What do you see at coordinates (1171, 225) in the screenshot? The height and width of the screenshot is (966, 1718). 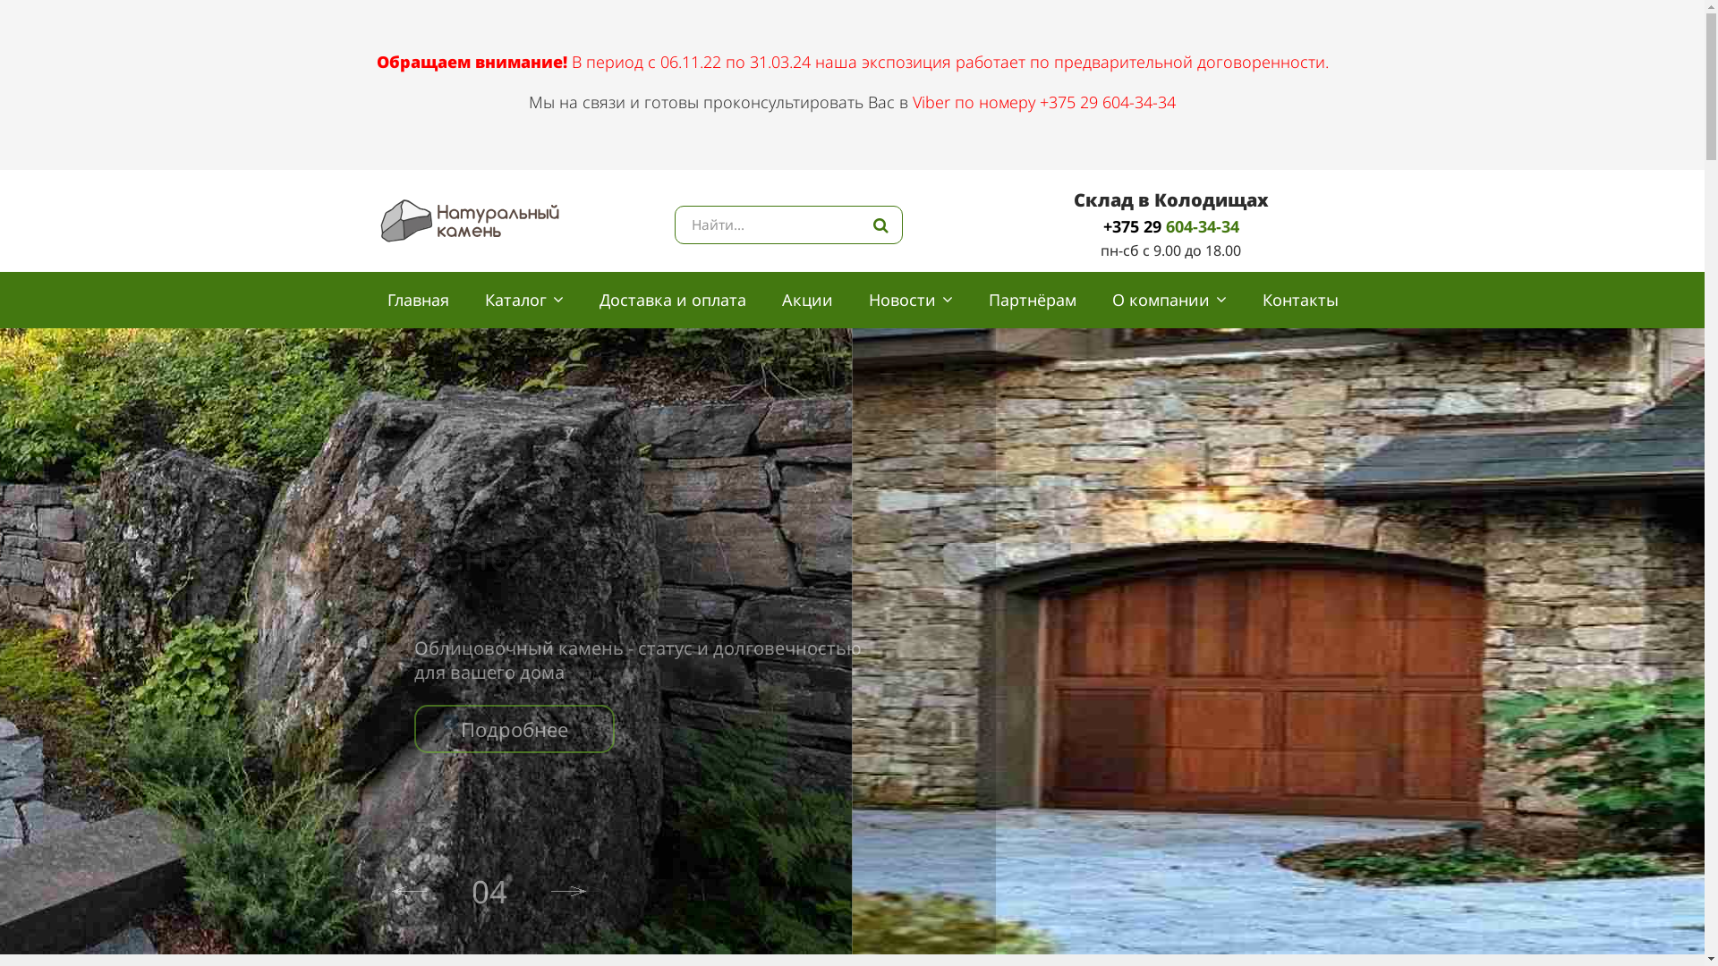 I see `'+375 29 604-34-34'` at bounding box center [1171, 225].